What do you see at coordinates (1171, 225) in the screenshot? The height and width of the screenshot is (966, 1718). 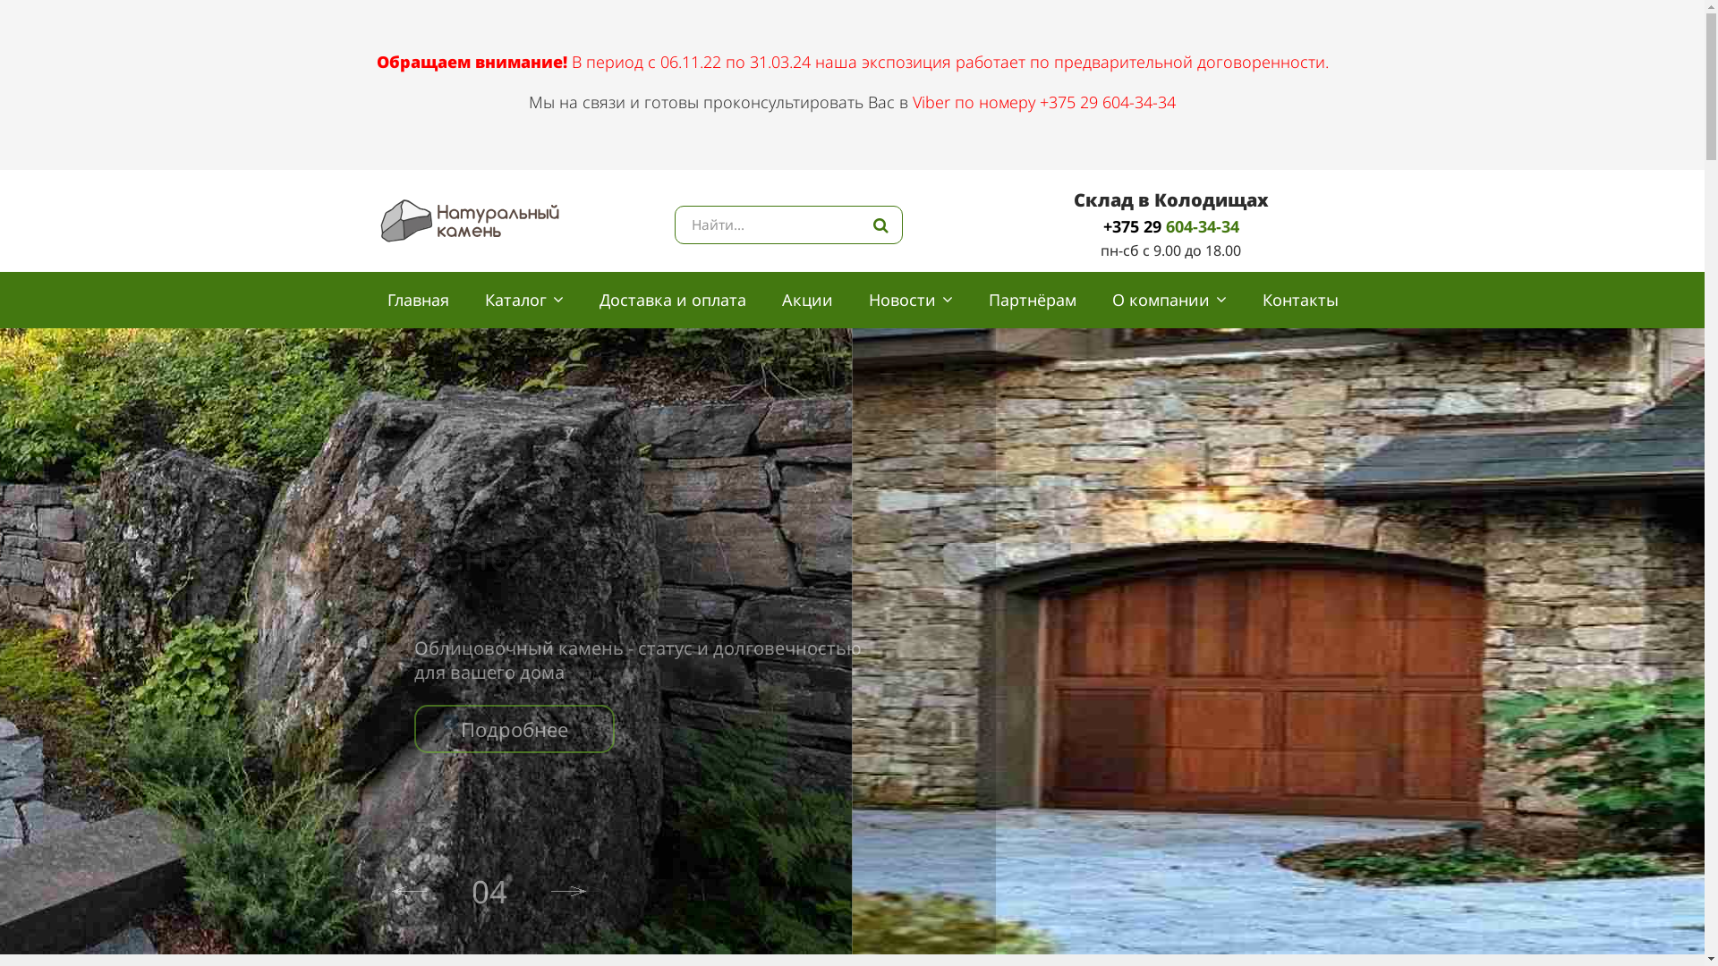 I see `'+375 29 604-34-34'` at bounding box center [1171, 225].